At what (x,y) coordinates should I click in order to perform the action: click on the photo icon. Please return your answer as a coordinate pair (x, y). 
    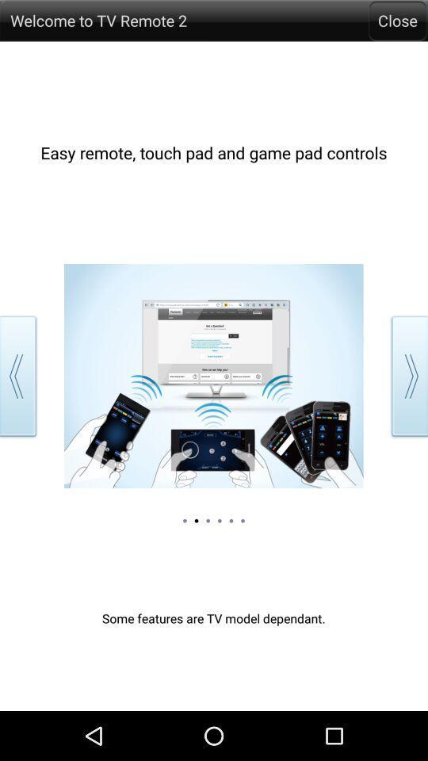
    Looking at the image, I should click on (402, 30).